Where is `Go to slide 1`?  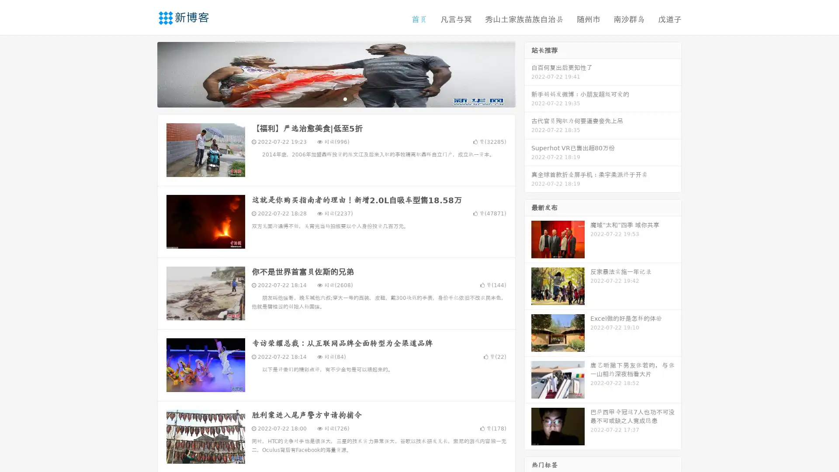 Go to slide 1 is located at coordinates (327, 98).